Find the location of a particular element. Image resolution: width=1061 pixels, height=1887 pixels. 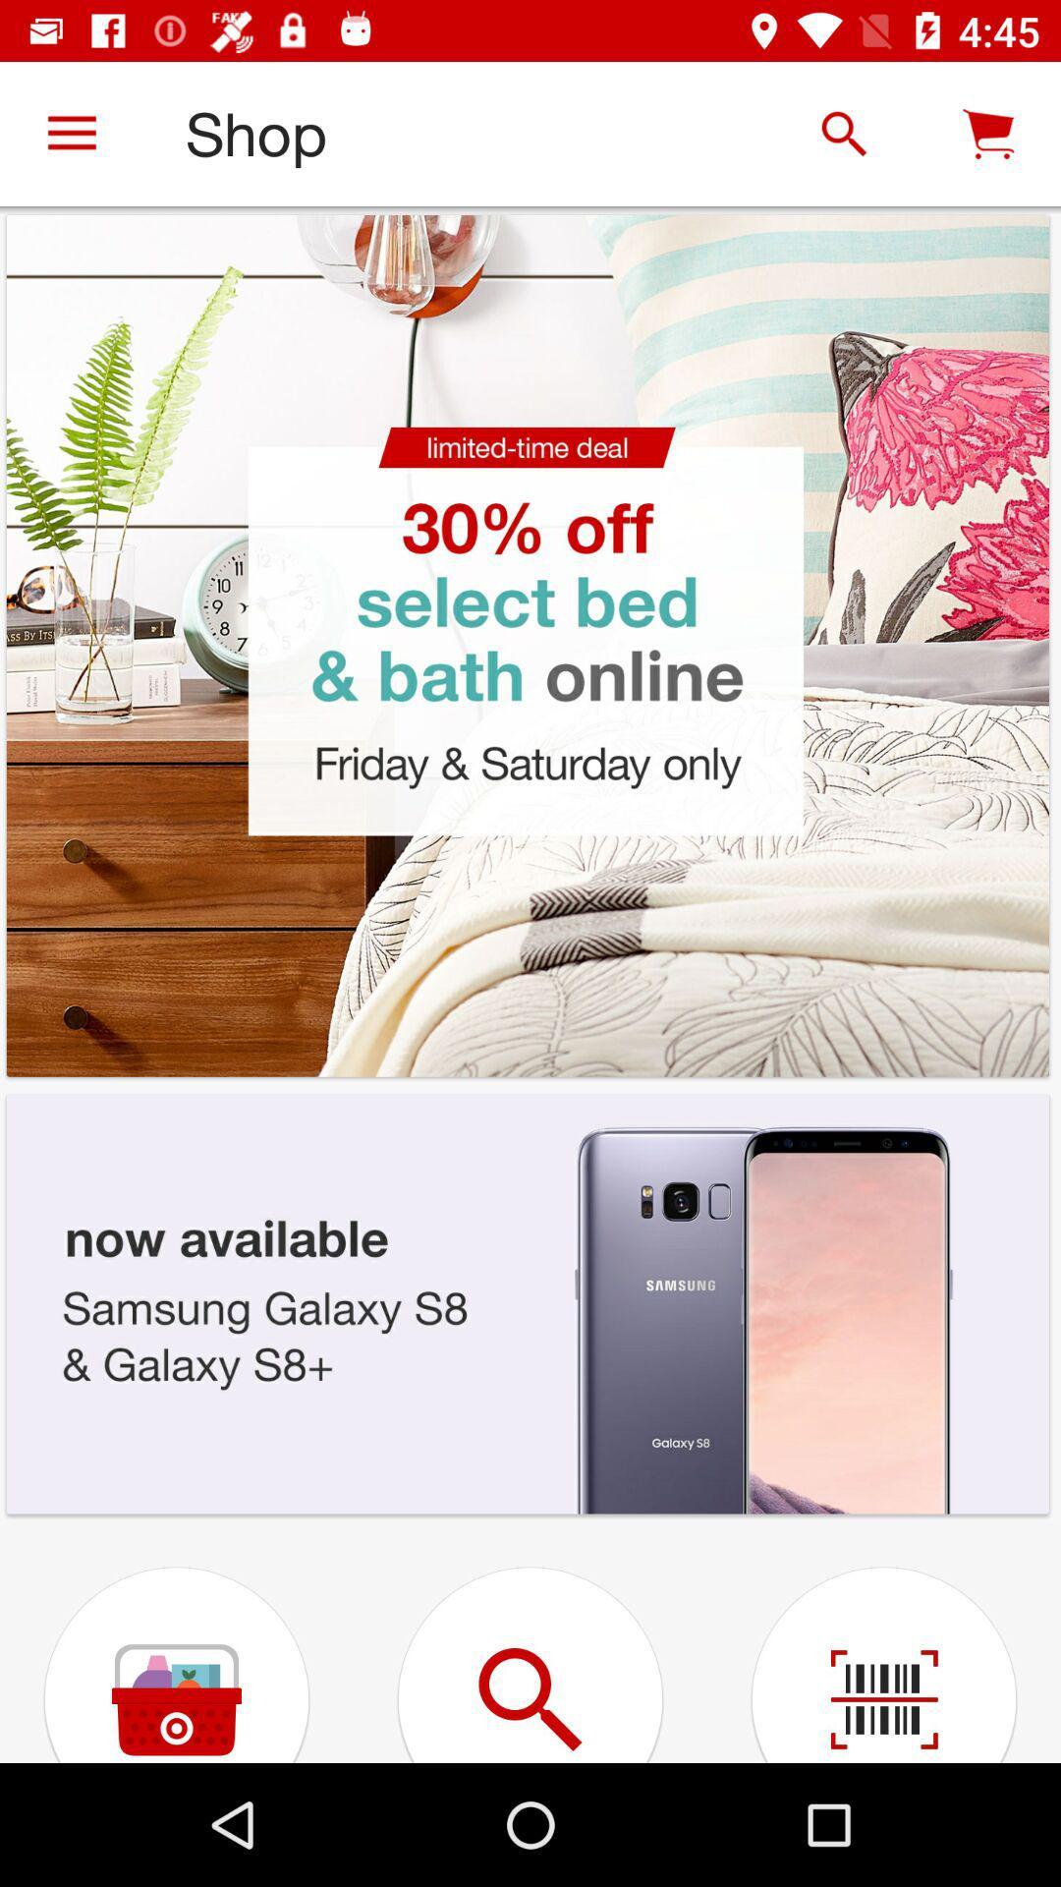

the barcode icon is located at coordinates (882, 1642).